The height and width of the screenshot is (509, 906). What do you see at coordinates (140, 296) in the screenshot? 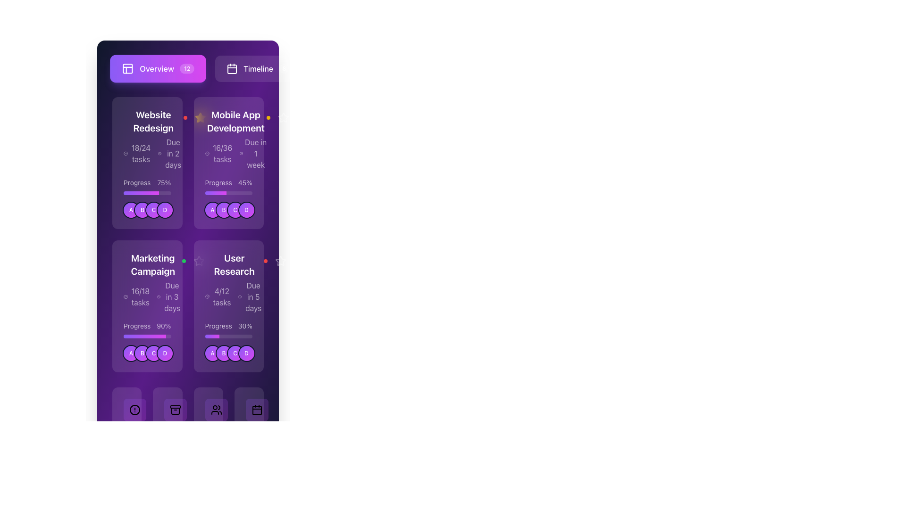
I see `text displayed as '16/18 tasks' in a bold, white font on a purple background, located in the center-left area of the 'Marketing Campaign' card` at bounding box center [140, 296].